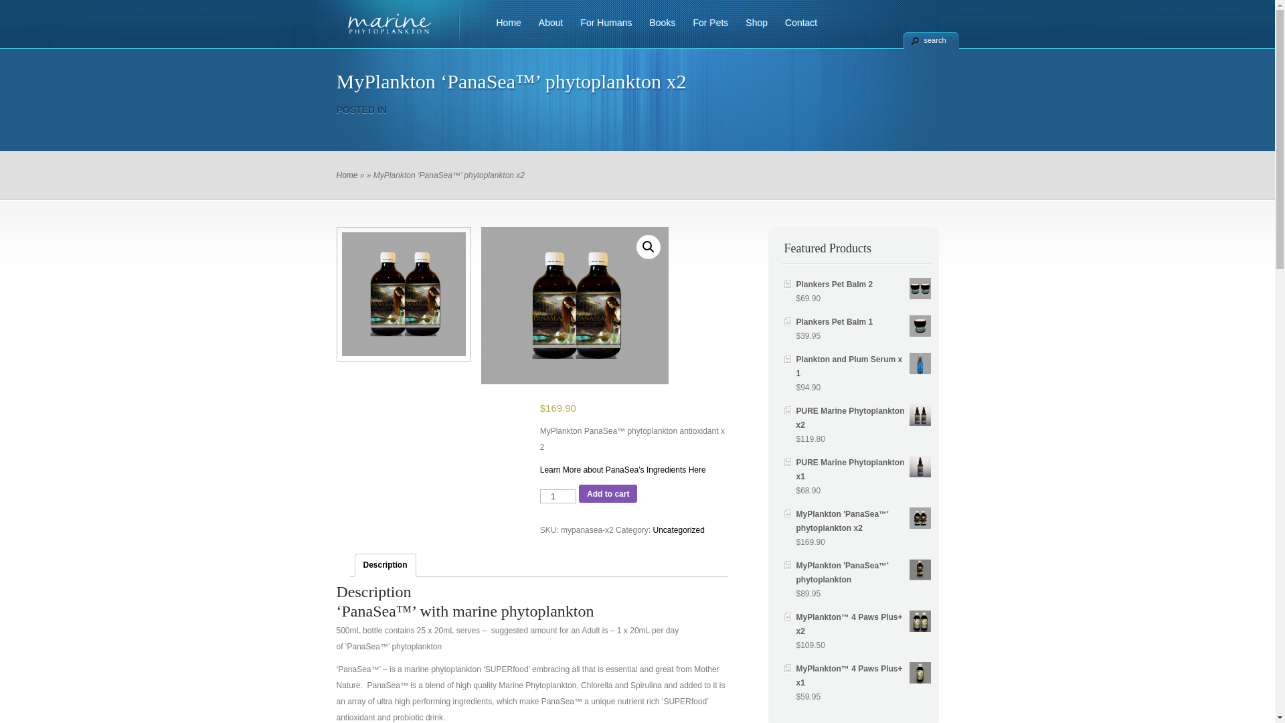 Image resolution: width=1285 pixels, height=723 pixels. I want to click on 'Description', so click(384, 565).